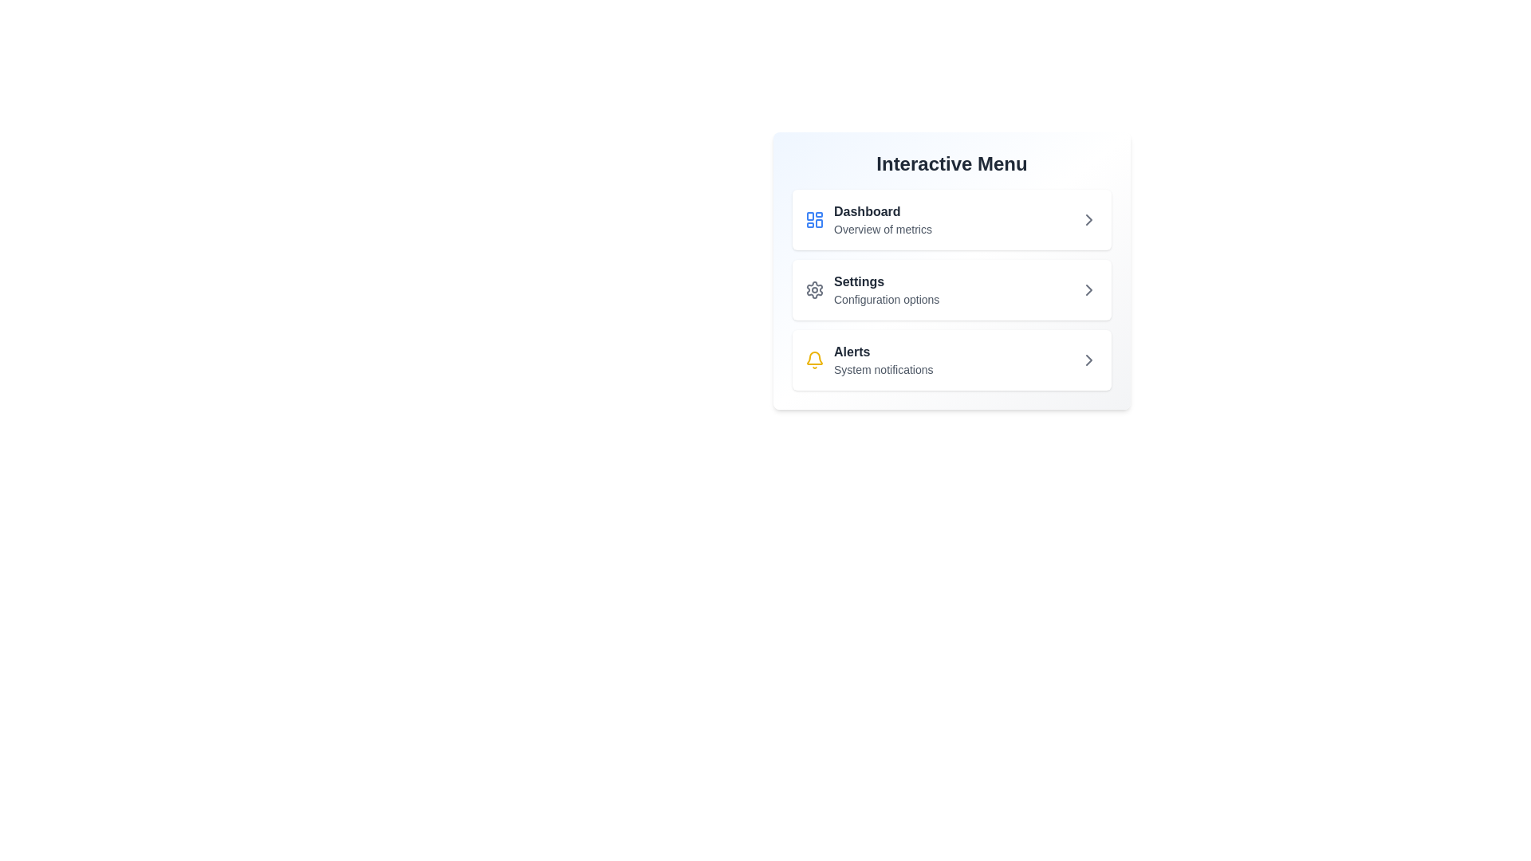 This screenshot has height=861, width=1531. I want to click on the text label displaying 'Overview of metrics', which is located beneath the 'Dashboard' heading in the dashboard menu, so click(882, 230).